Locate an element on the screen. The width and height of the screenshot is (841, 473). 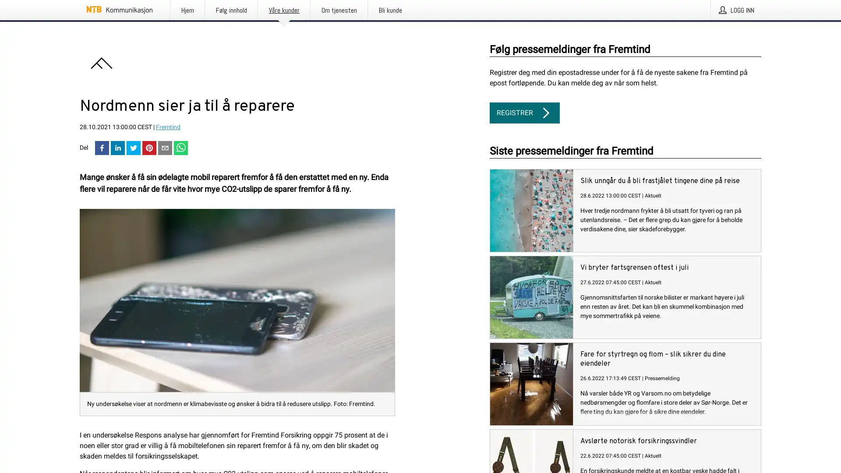
pinterest is located at coordinates (149, 148).